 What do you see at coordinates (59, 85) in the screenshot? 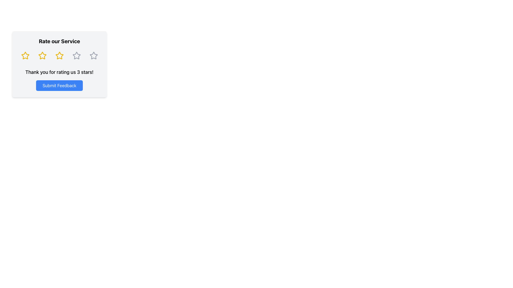
I see `the 'Submit Feedback' button, which has a blue background and rounded corners, to change its color to a darker shade` at bounding box center [59, 85].